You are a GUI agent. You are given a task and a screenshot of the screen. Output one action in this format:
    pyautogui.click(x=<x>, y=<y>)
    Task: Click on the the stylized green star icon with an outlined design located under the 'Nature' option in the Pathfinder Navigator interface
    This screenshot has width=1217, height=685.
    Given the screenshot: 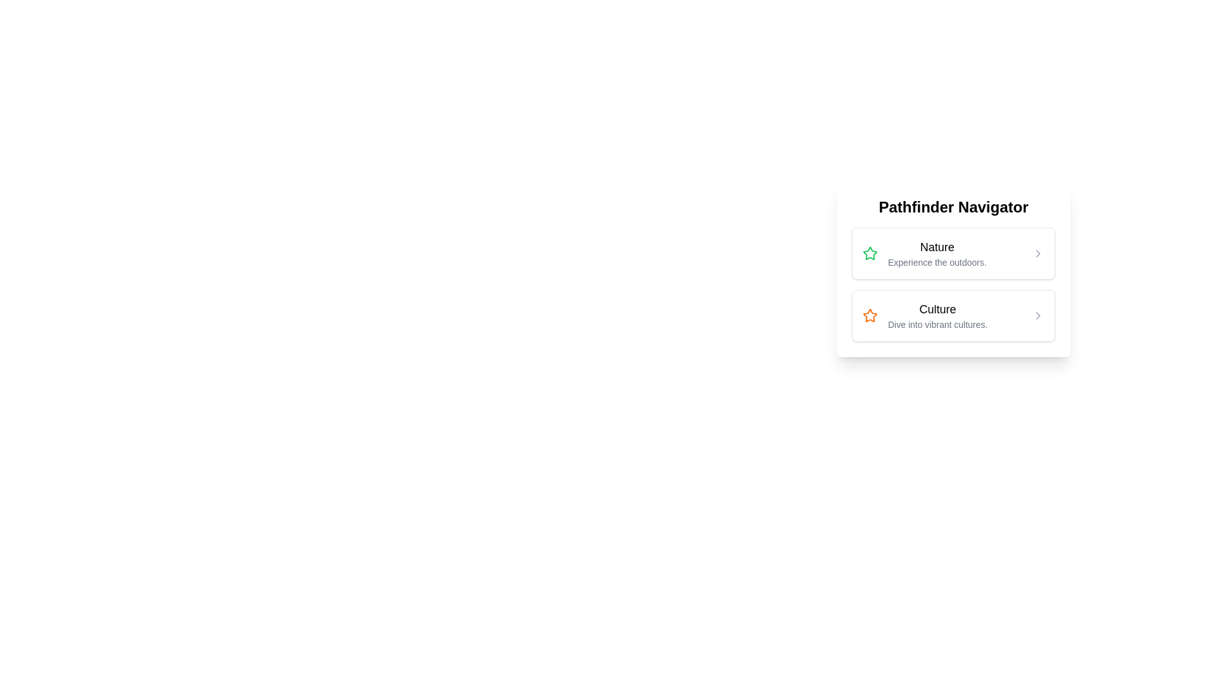 What is the action you would take?
    pyautogui.click(x=869, y=253)
    